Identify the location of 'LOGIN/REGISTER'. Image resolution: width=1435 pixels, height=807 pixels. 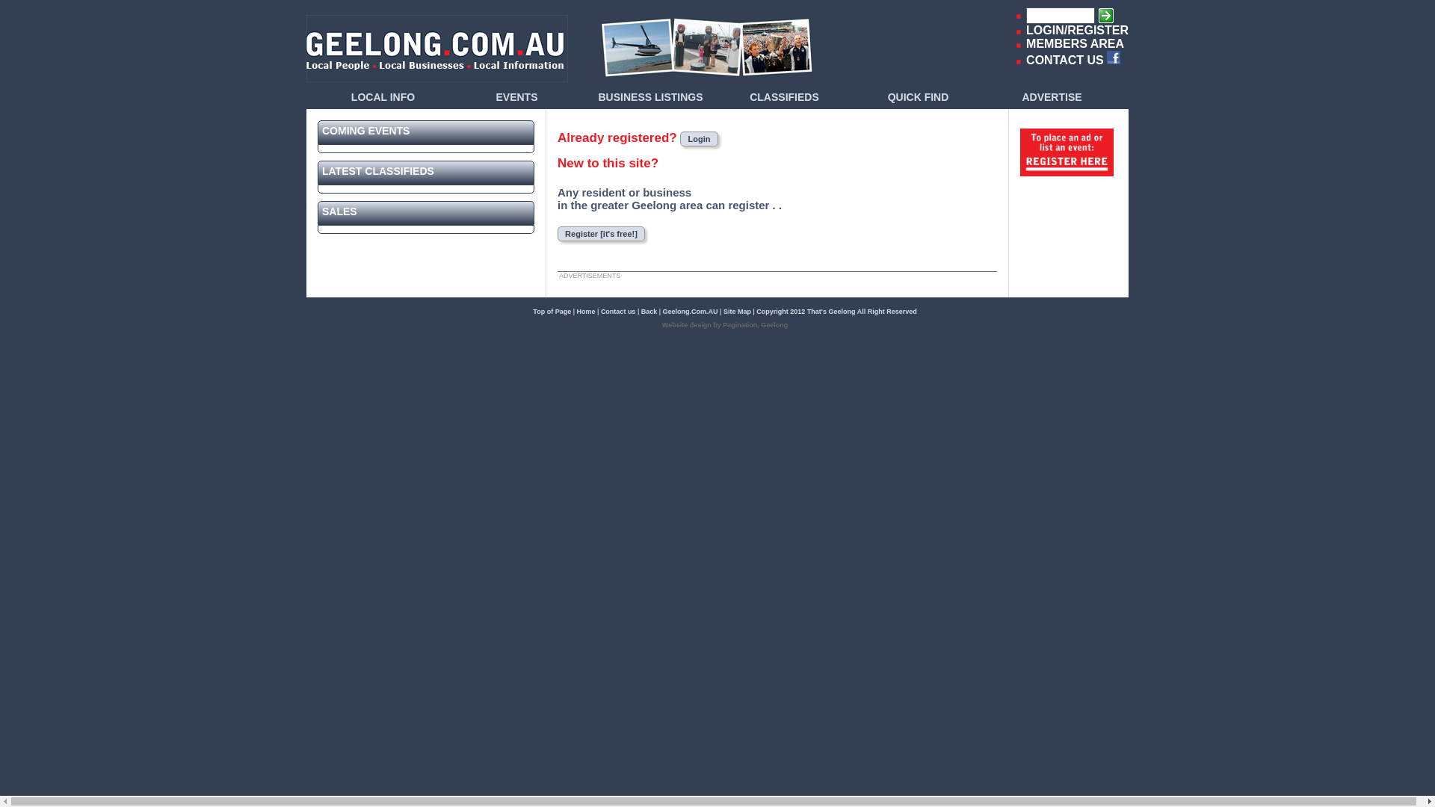
(1025, 30).